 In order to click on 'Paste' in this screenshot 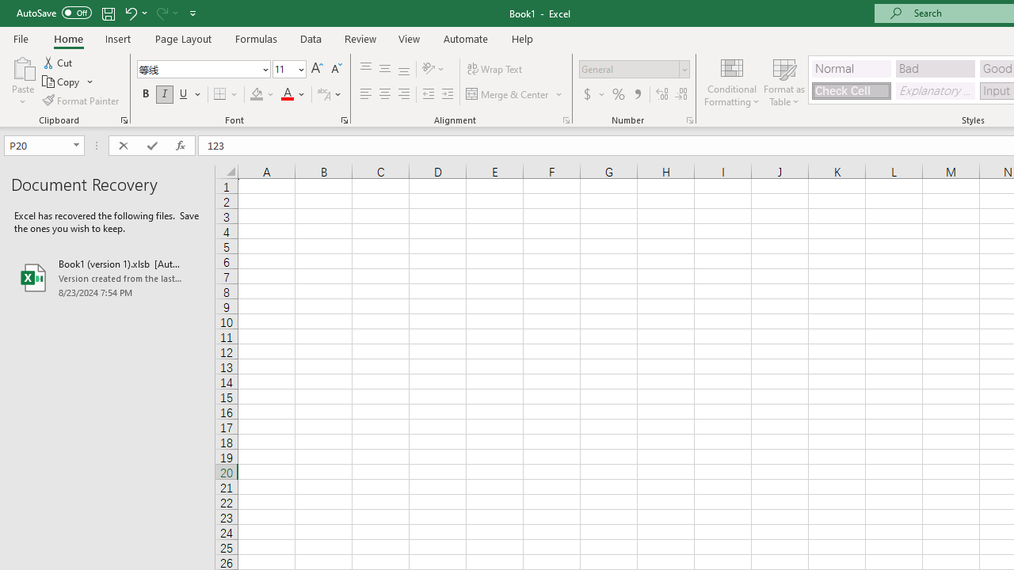, I will do `click(22, 82)`.